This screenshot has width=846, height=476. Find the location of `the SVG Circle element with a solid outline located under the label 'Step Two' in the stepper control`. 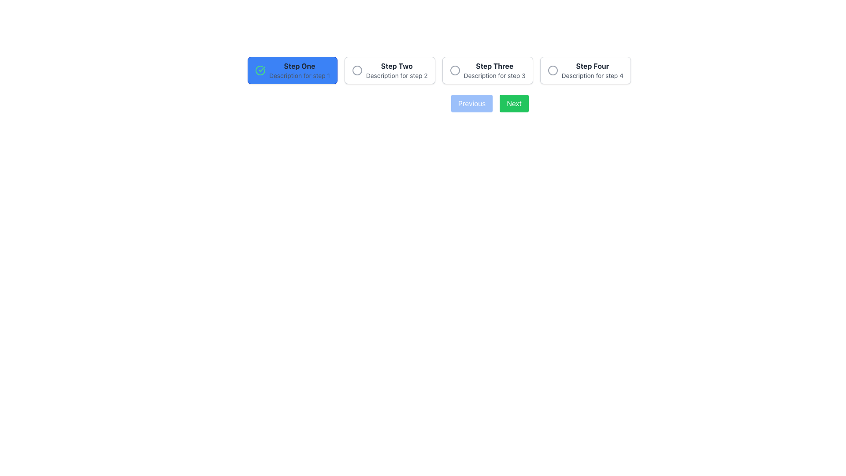

the SVG Circle element with a solid outline located under the label 'Step Two' in the stepper control is located at coordinates (357, 70).